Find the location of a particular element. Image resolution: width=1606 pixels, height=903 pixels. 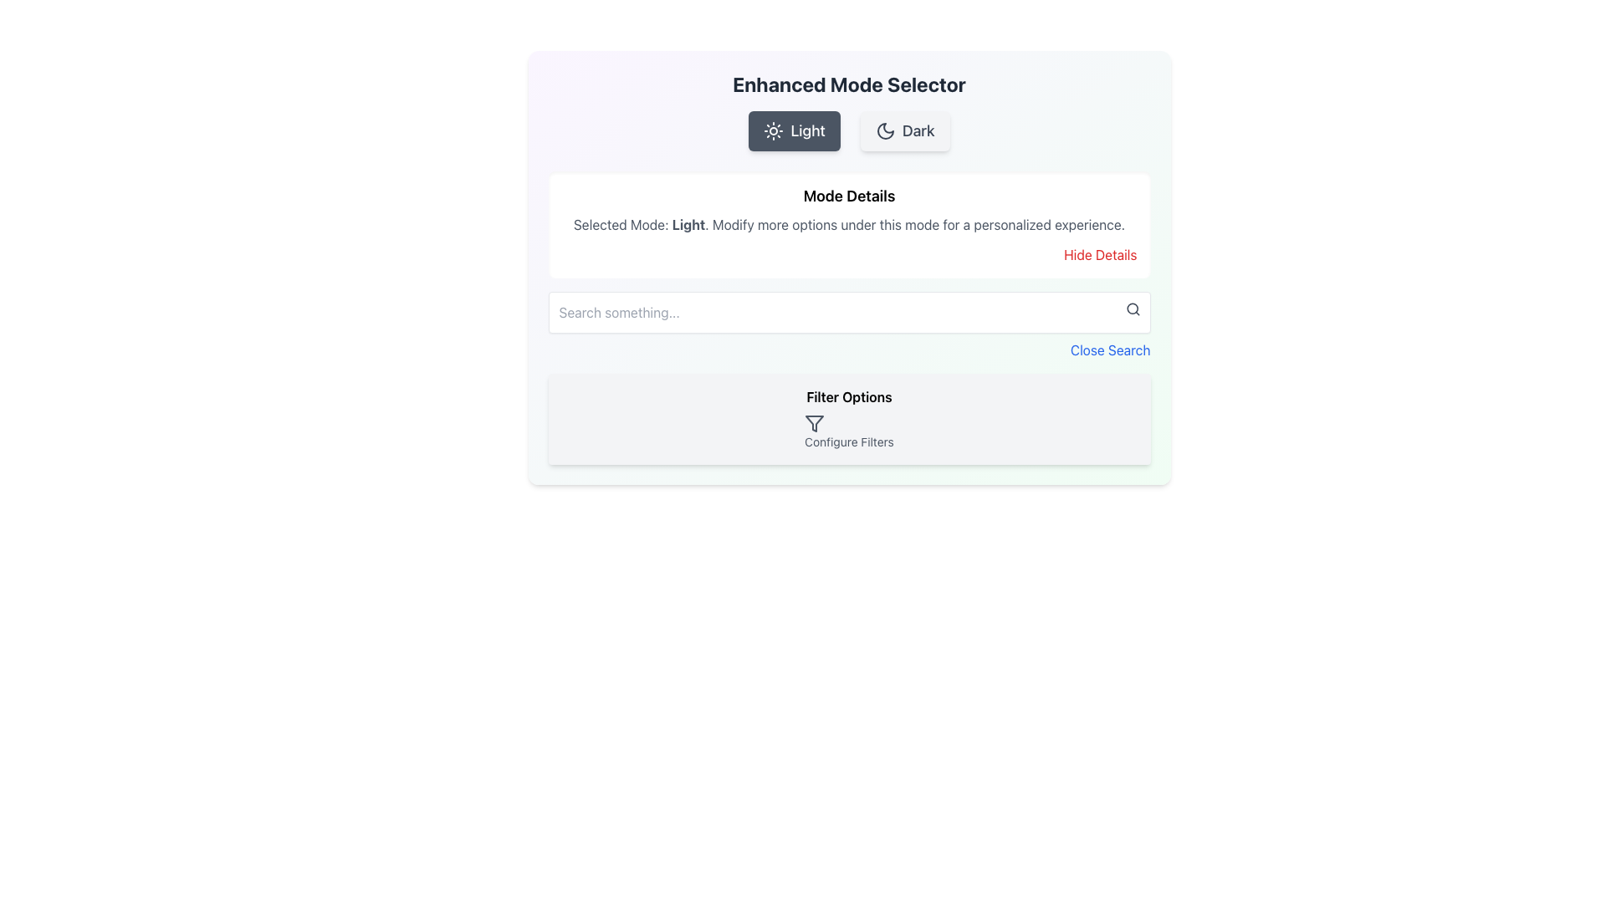

the 'Close Search' hyperlink located at the far-right end of the search bar in the 'Enhanced Mode Selector' section is located at coordinates (849, 325).